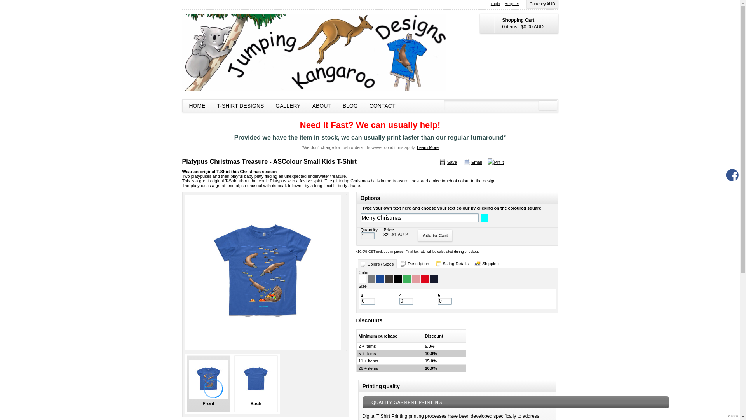 The width and height of the screenshot is (746, 420). What do you see at coordinates (495, 4) in the screenshot?
I see `'Login'` at bounding box center [495, 4].